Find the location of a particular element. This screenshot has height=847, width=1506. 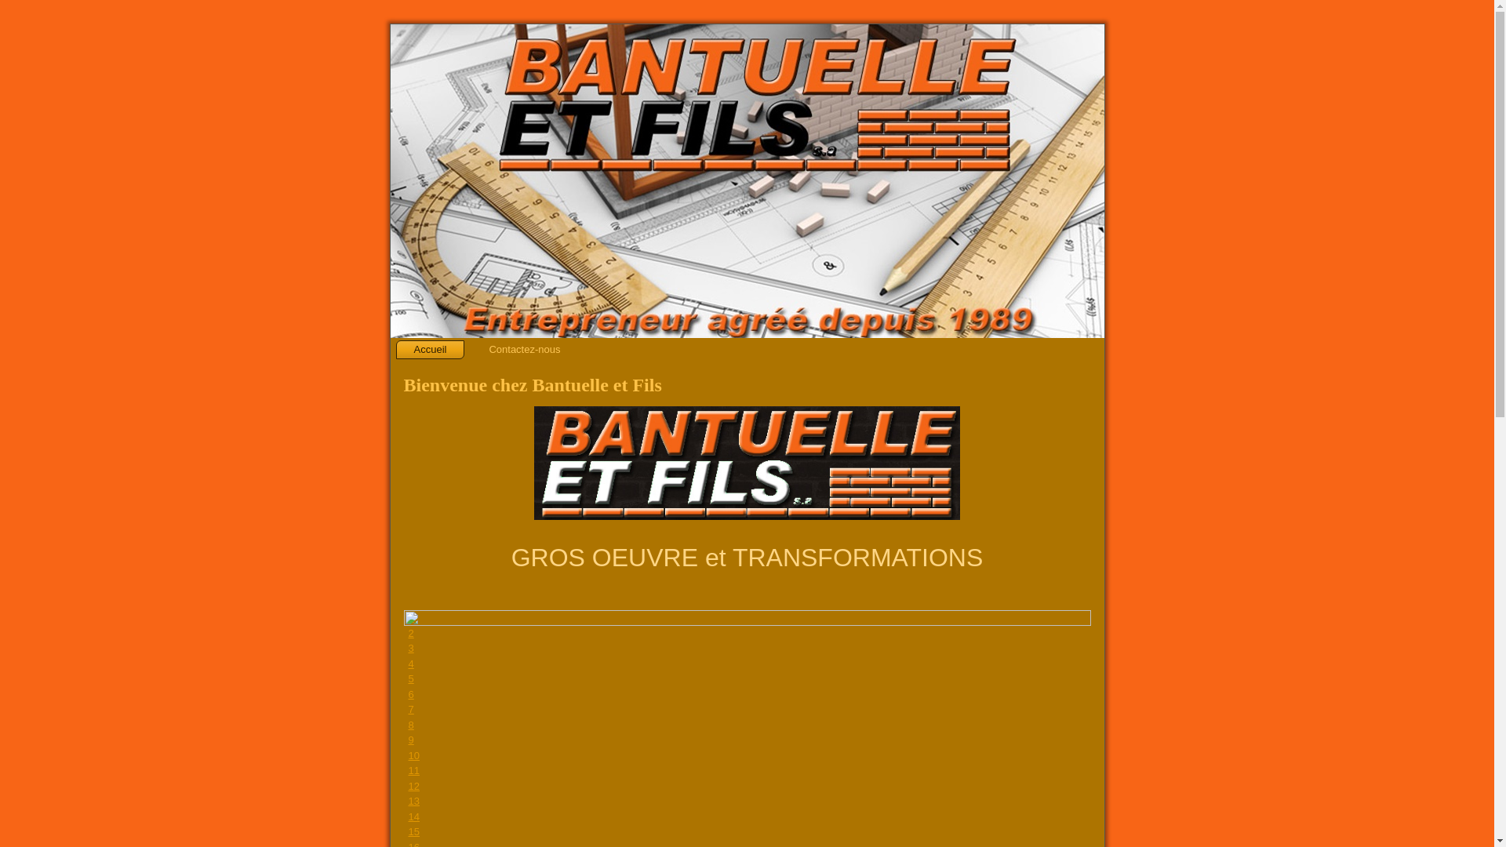

'14' is located at coordinates (413, 816).